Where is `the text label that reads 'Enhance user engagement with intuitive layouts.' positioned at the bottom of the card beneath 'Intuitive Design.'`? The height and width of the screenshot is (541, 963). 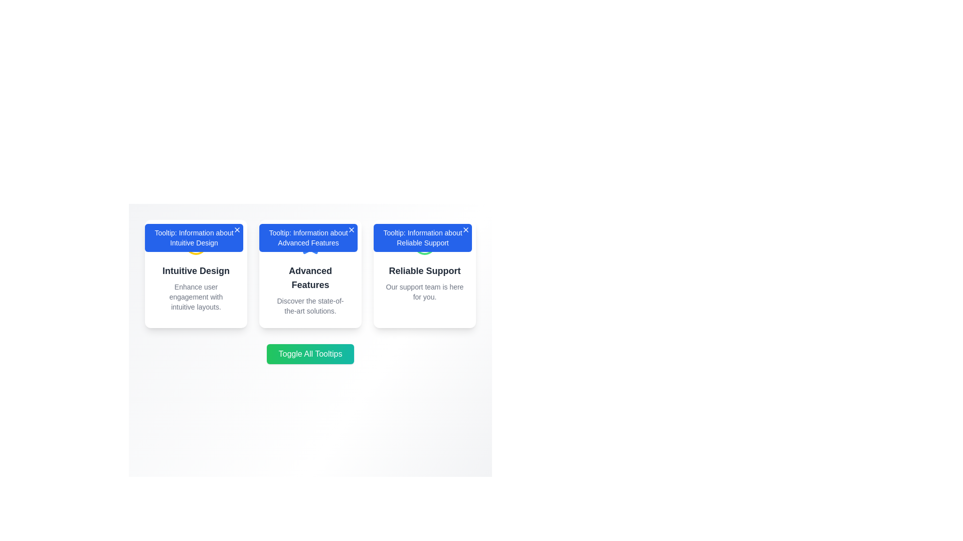 the text label that reads 'Enhance user engagement with intuitive layouts.' positioned at the bottom of the card beneath 'Intuitive Design.' is located at coordinates (196, 297).